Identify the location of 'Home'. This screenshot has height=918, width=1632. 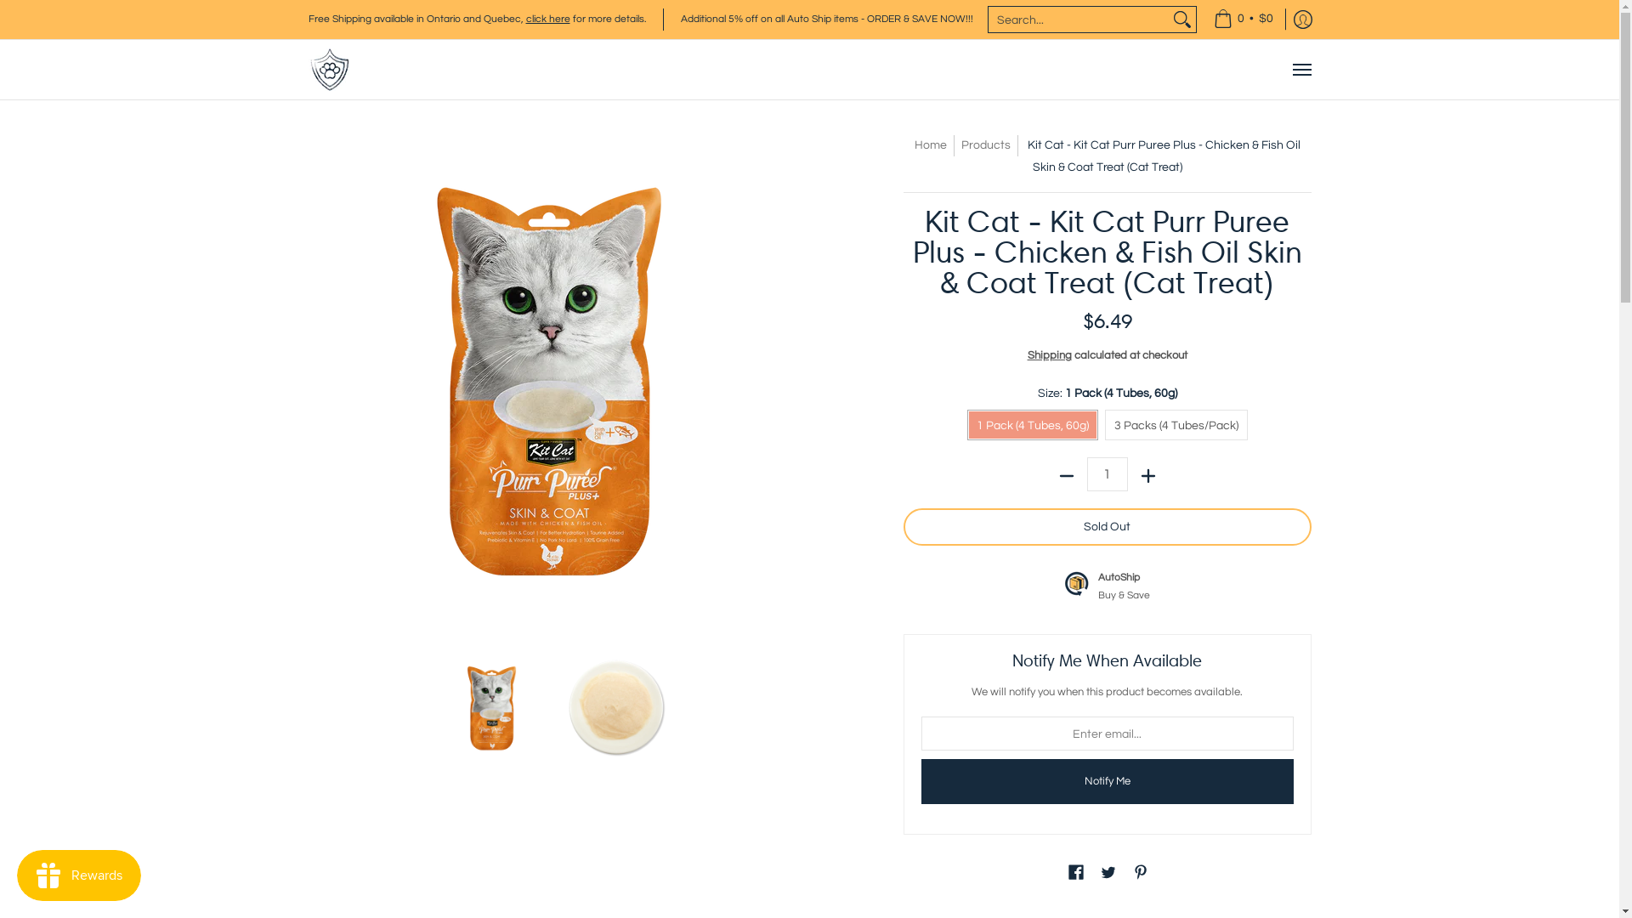
(929, 144).